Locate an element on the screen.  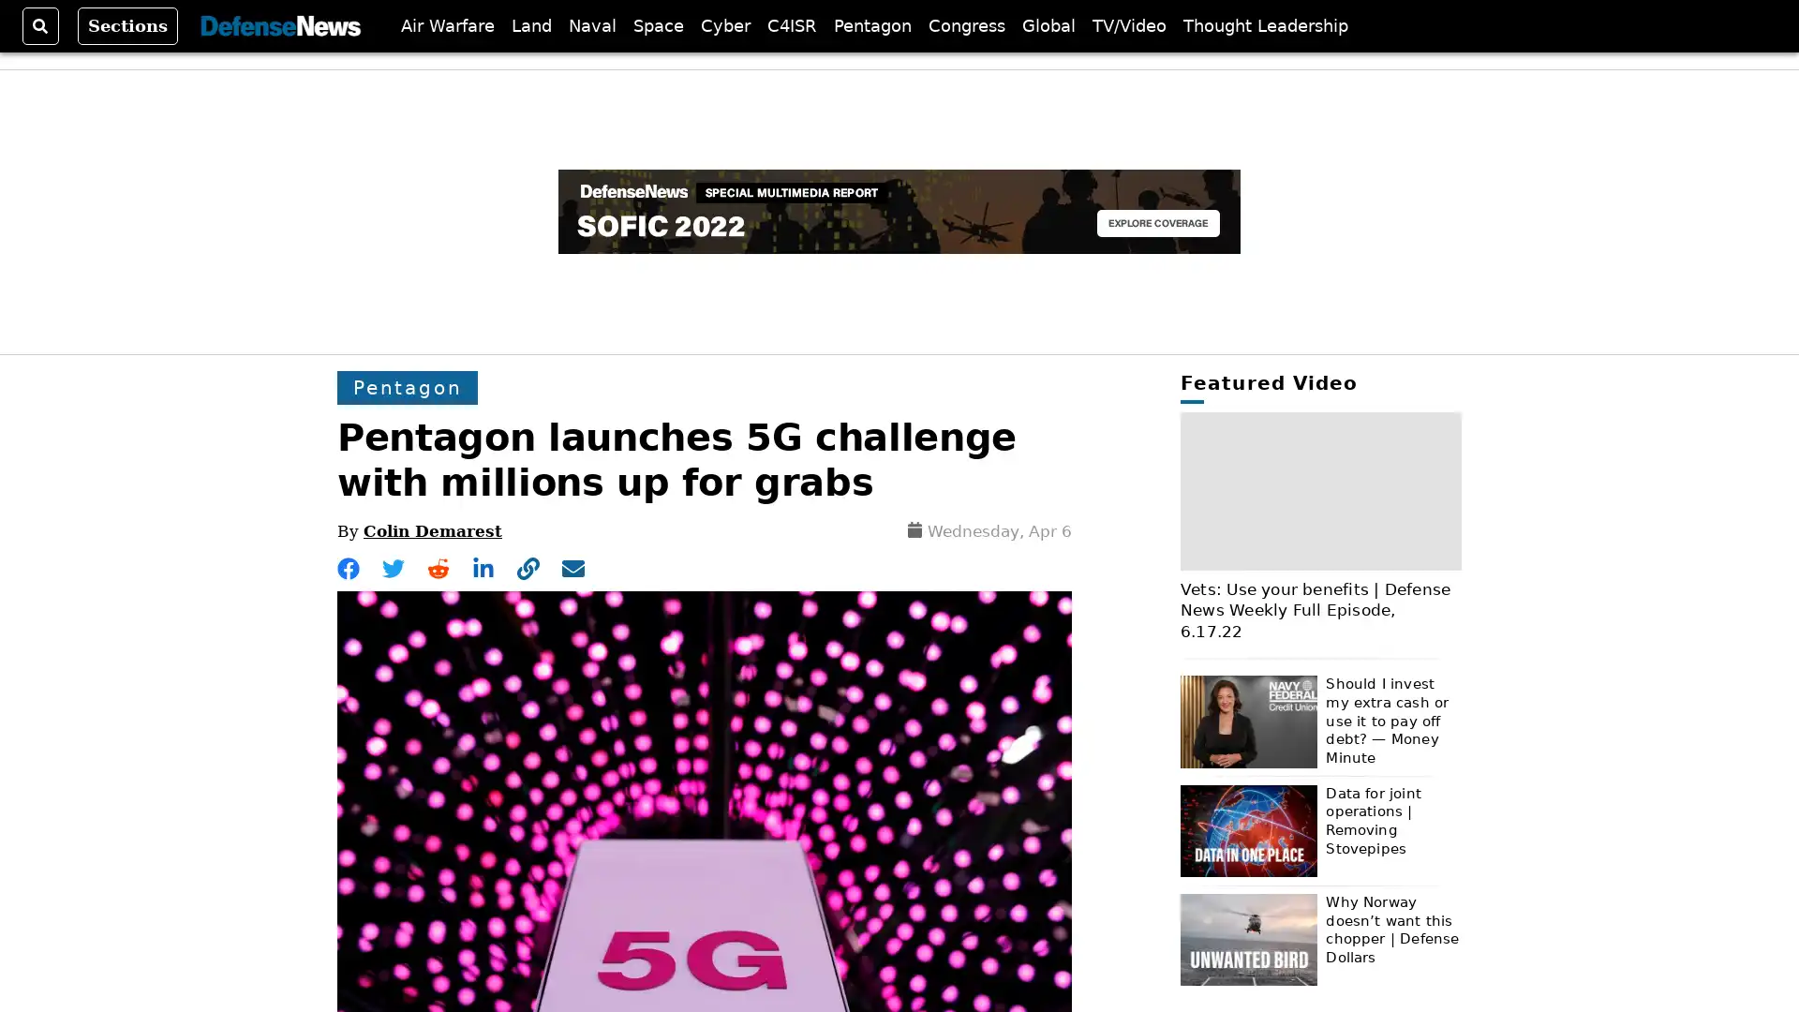
linkedin is located at coordinates (483, 567).